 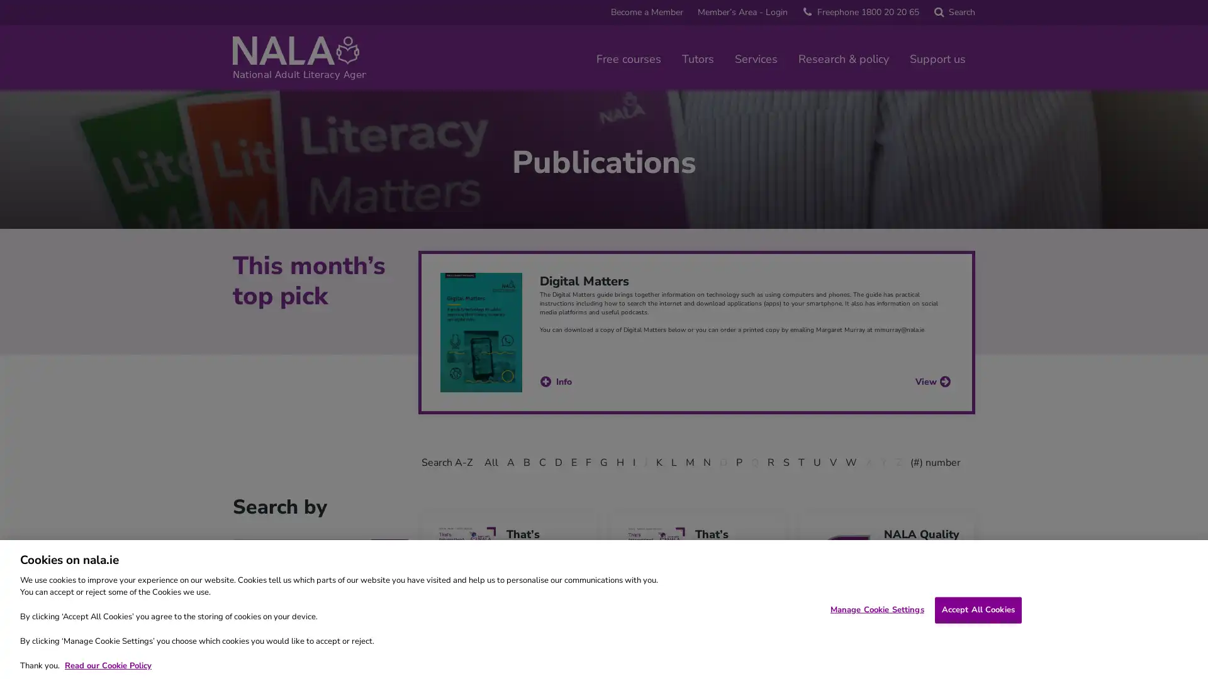 I want to click on Accept All Cookies, so click(x=977, y=609).